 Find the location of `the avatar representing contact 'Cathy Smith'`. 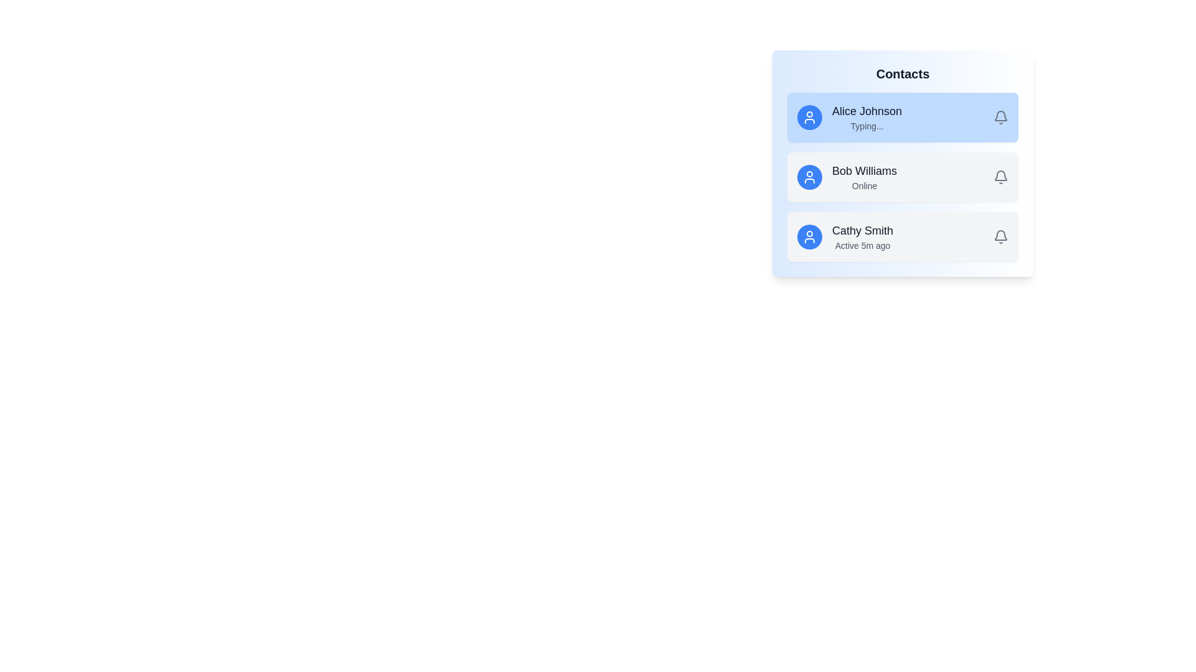

the avatar representing contact 'Cathy Smith' is located at coordinates (810, 237).